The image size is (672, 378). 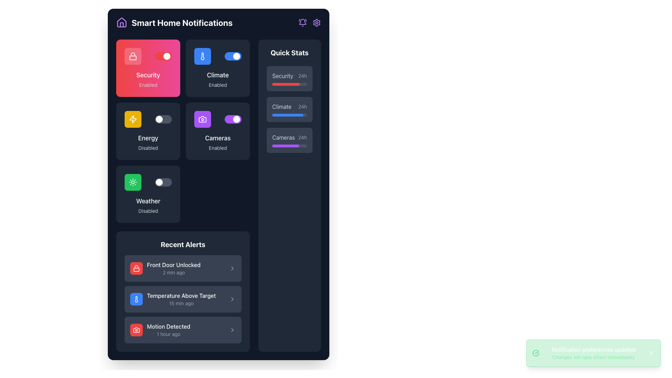 I want to click on the toggle switch in the 'Energy' control panel, so click(x=148, y=119).